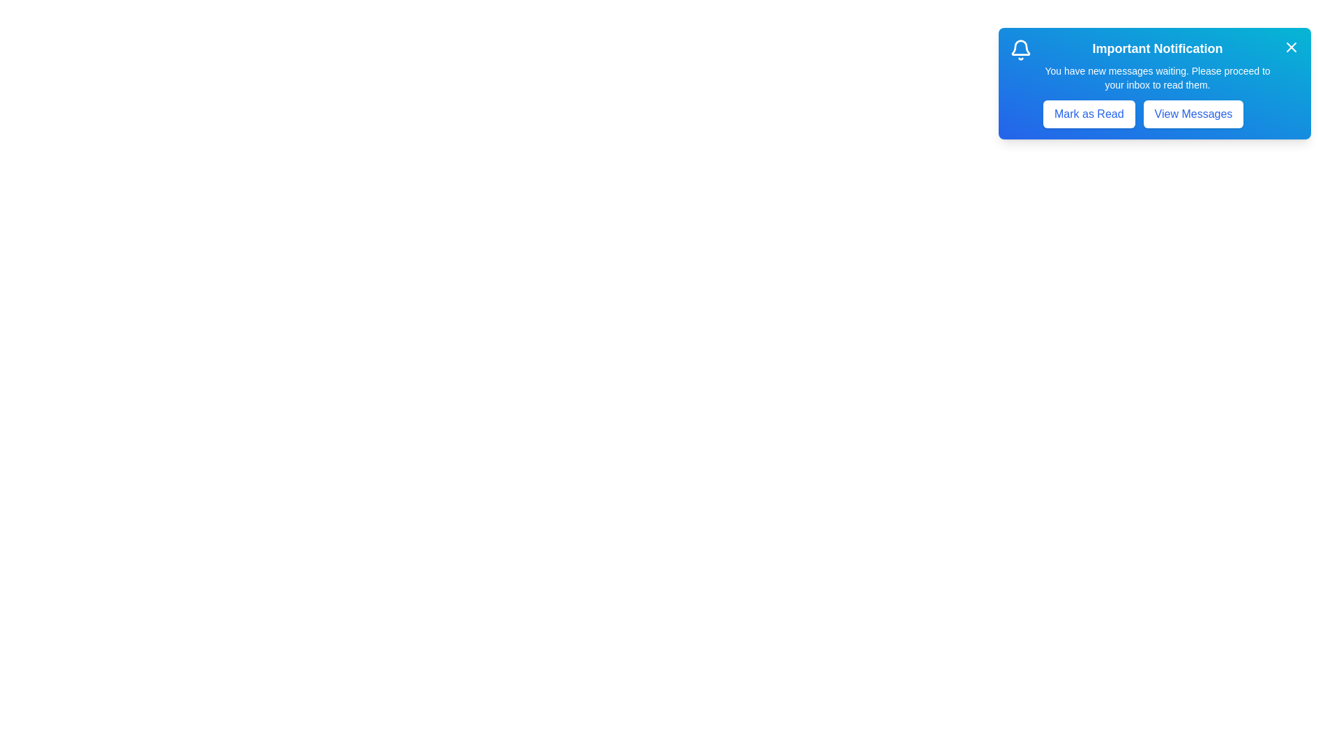 The width and height of the screenshot is (1339, 753). I want to click on the 'Close' button to dismiss the notification, so click(1291, 47).